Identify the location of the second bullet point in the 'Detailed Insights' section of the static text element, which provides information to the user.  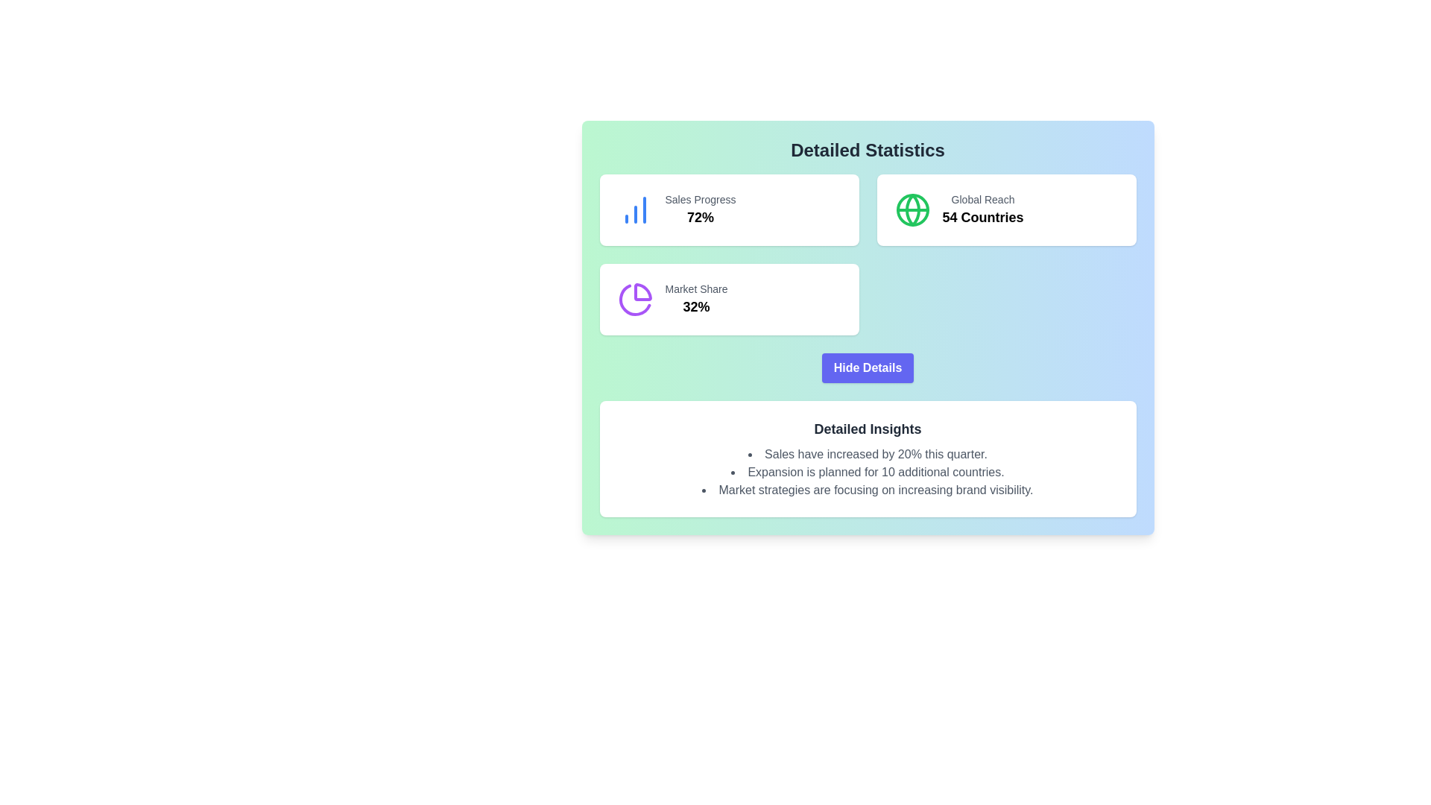
(868, 472).